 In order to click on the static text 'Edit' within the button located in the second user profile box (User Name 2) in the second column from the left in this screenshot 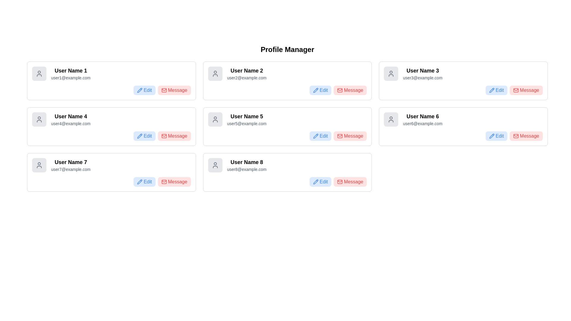, I will do `click(323, 90)`.